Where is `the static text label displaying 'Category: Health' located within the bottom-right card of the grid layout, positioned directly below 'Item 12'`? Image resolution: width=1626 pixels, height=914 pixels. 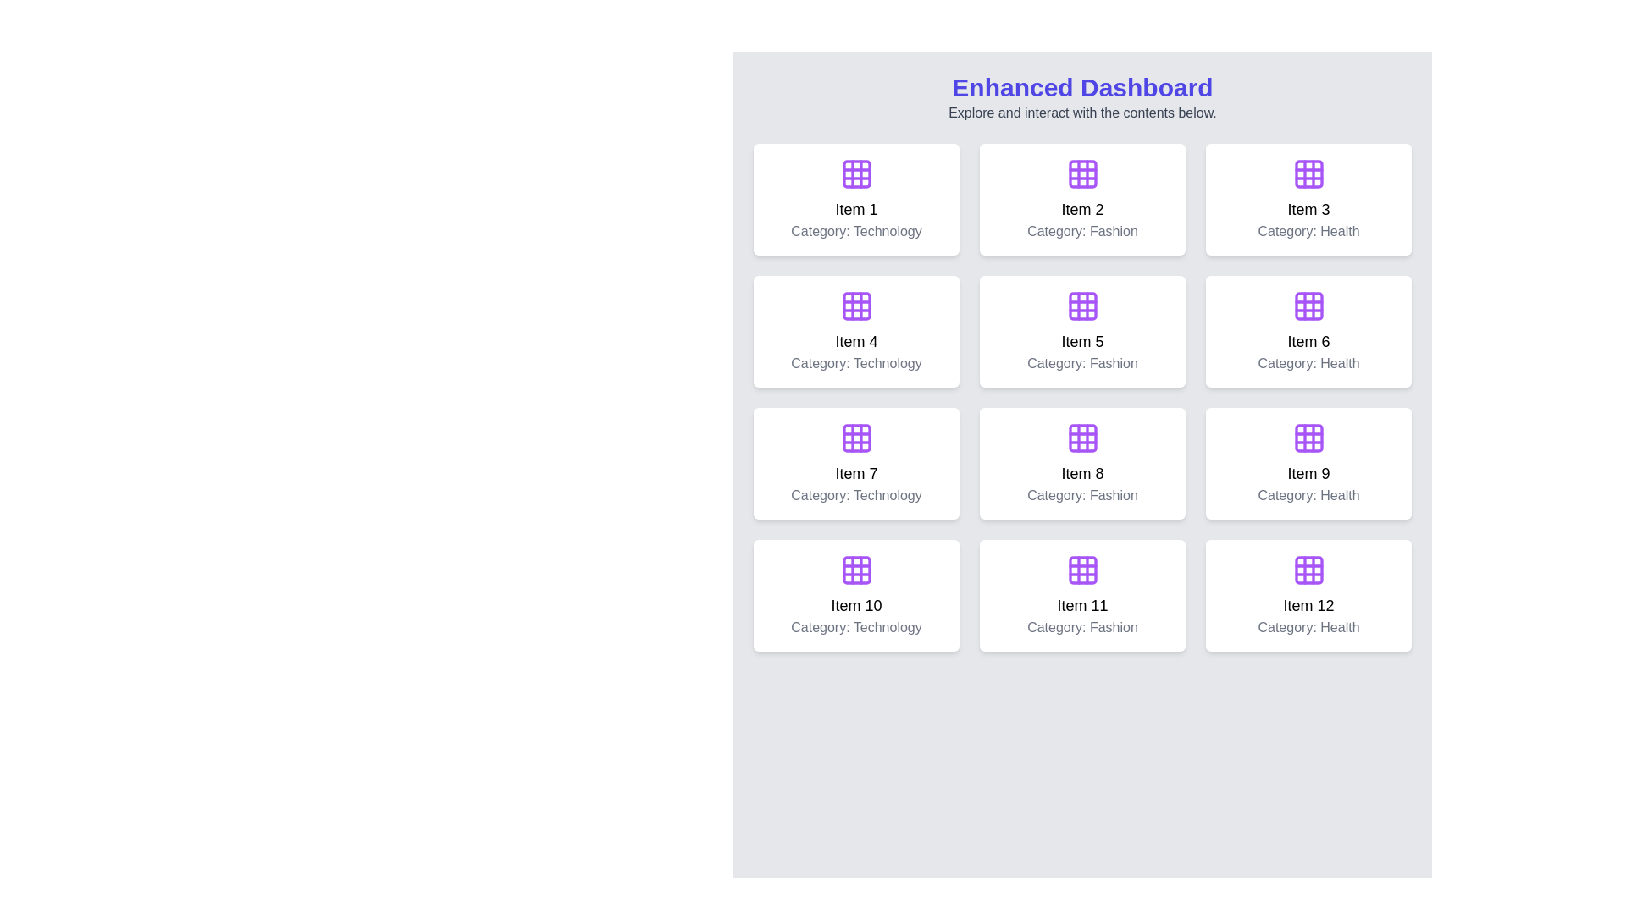
the static text label displaying 'Category: Health' located within the bottom-right card of the grid layout, positioned directly below 'Item 12' is located at coordinates (1308, 627).